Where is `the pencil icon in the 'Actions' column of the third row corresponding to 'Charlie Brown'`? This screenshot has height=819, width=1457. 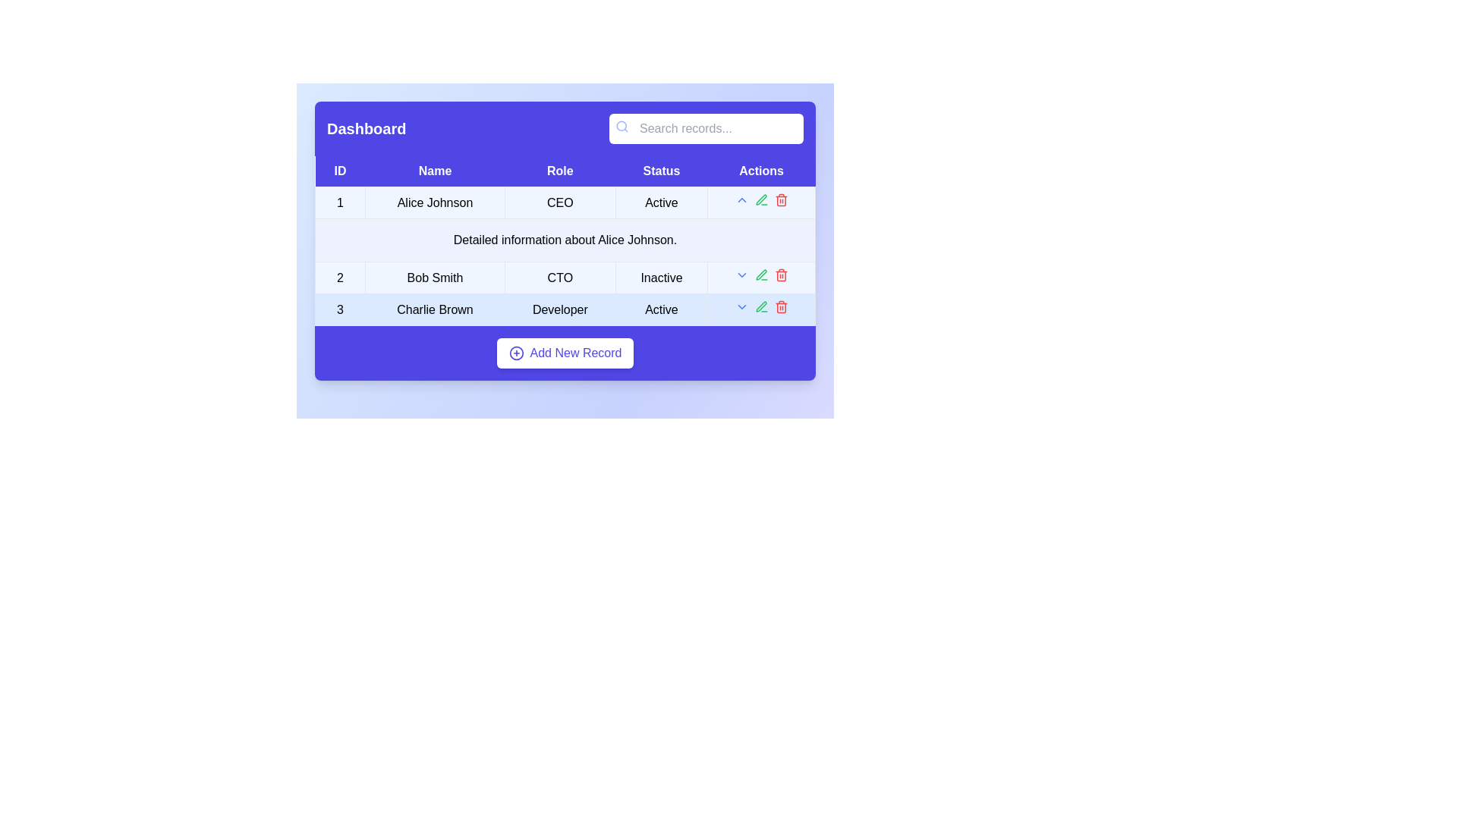 the pencil icon in the 'Actions' column of the third row corresponding to 'Charlie Brown' is located at coordinates (761, 199).